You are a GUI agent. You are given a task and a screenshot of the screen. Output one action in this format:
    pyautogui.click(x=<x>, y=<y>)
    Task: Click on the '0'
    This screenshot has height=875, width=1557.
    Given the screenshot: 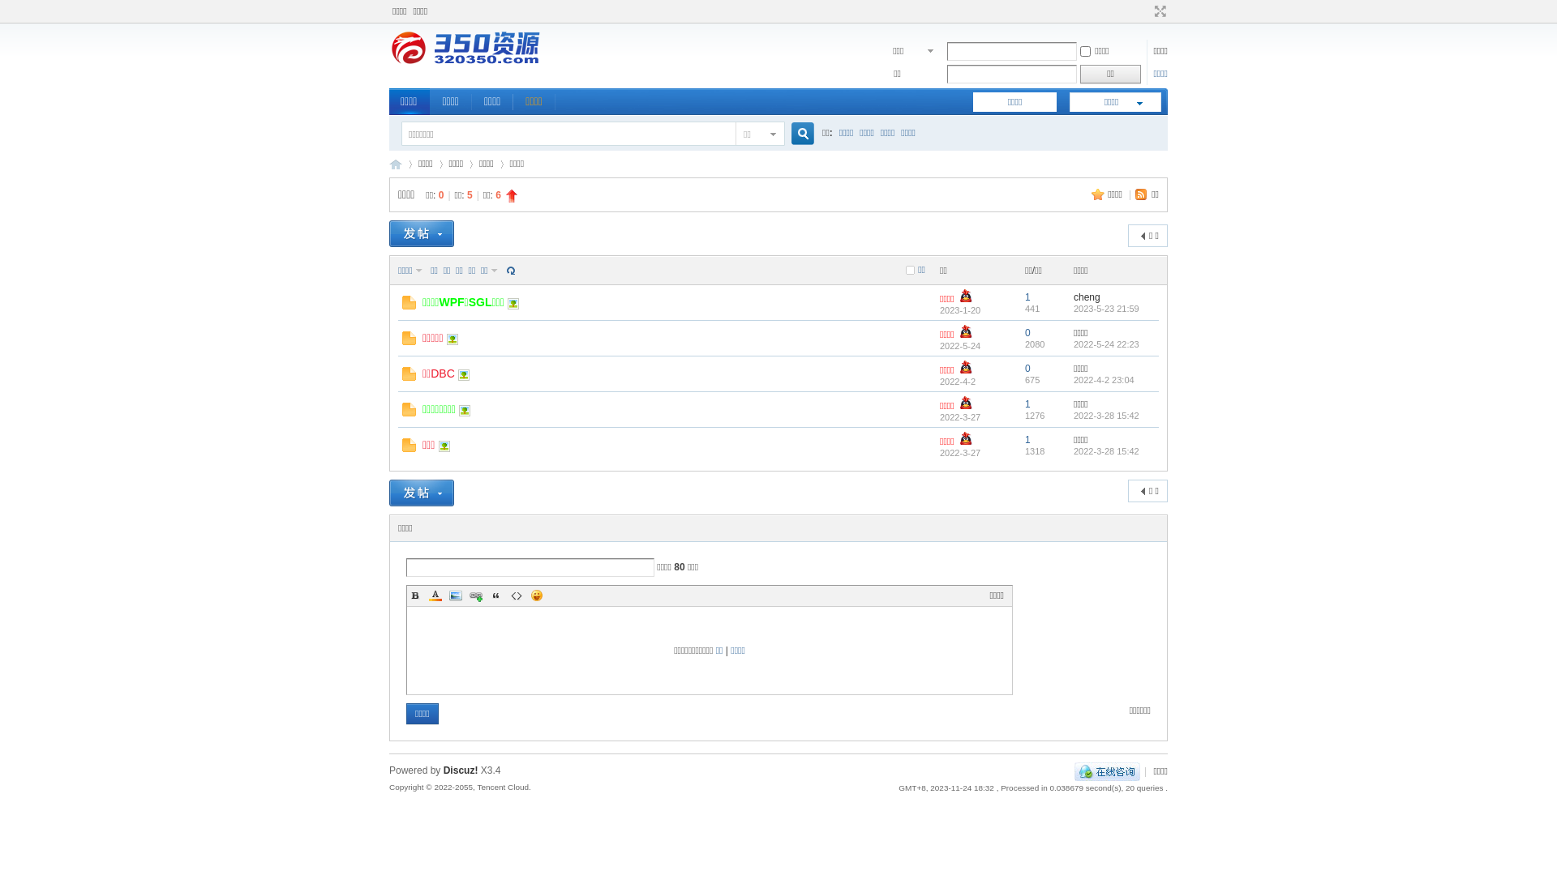 What is the action you would take?
    pyautogui.click(x=1023, y=369)
    